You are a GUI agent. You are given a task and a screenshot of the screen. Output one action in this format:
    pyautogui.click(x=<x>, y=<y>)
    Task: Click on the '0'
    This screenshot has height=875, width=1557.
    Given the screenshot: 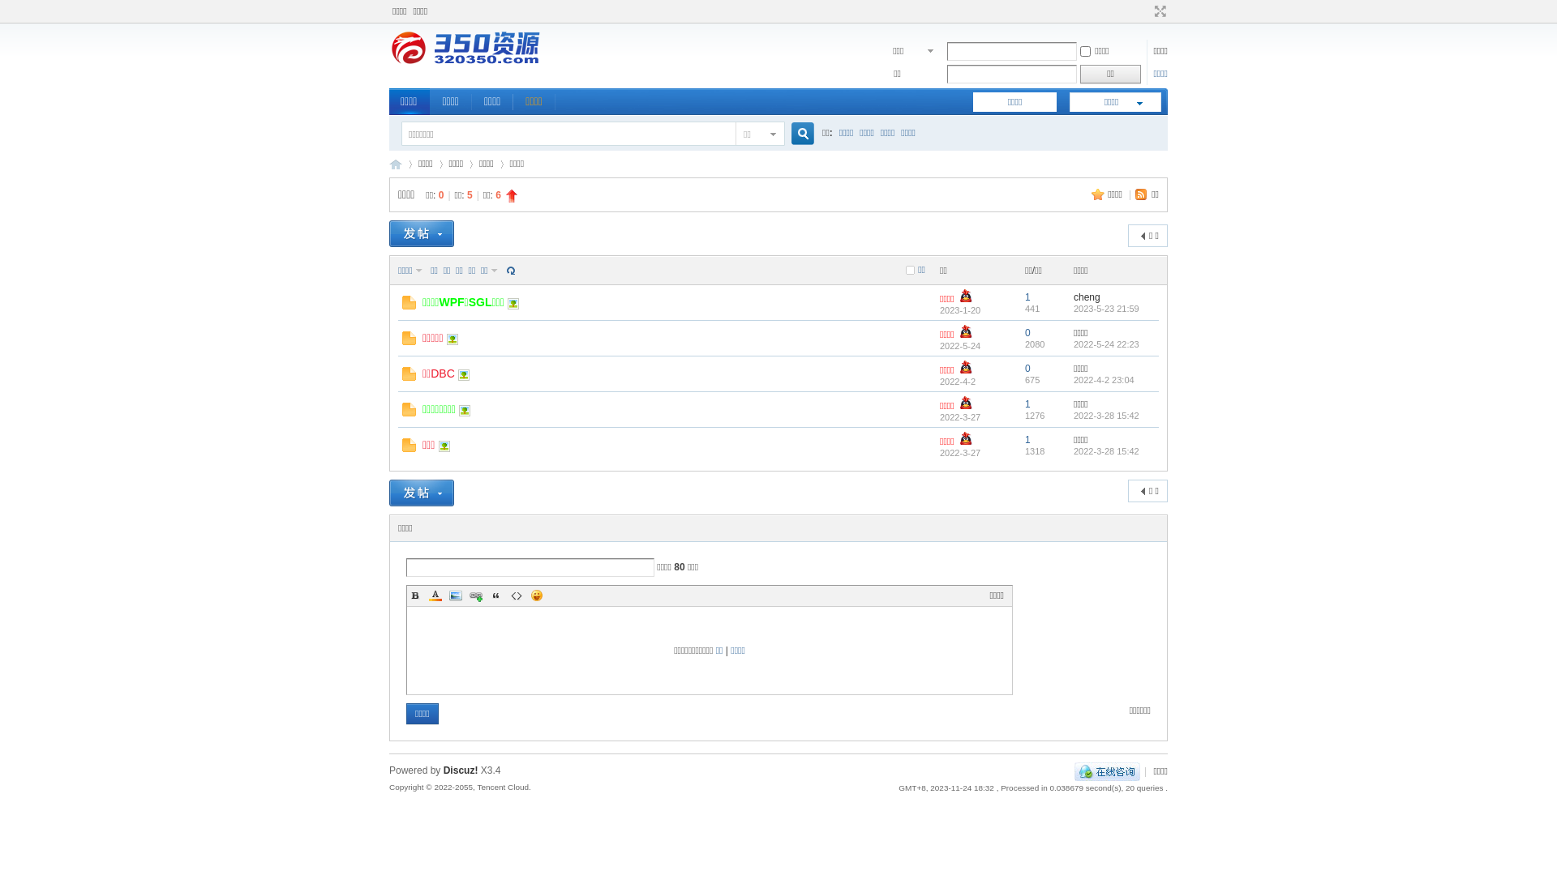 What is the action you would take?
    pyautogui.click(x=1023, y=369)
    